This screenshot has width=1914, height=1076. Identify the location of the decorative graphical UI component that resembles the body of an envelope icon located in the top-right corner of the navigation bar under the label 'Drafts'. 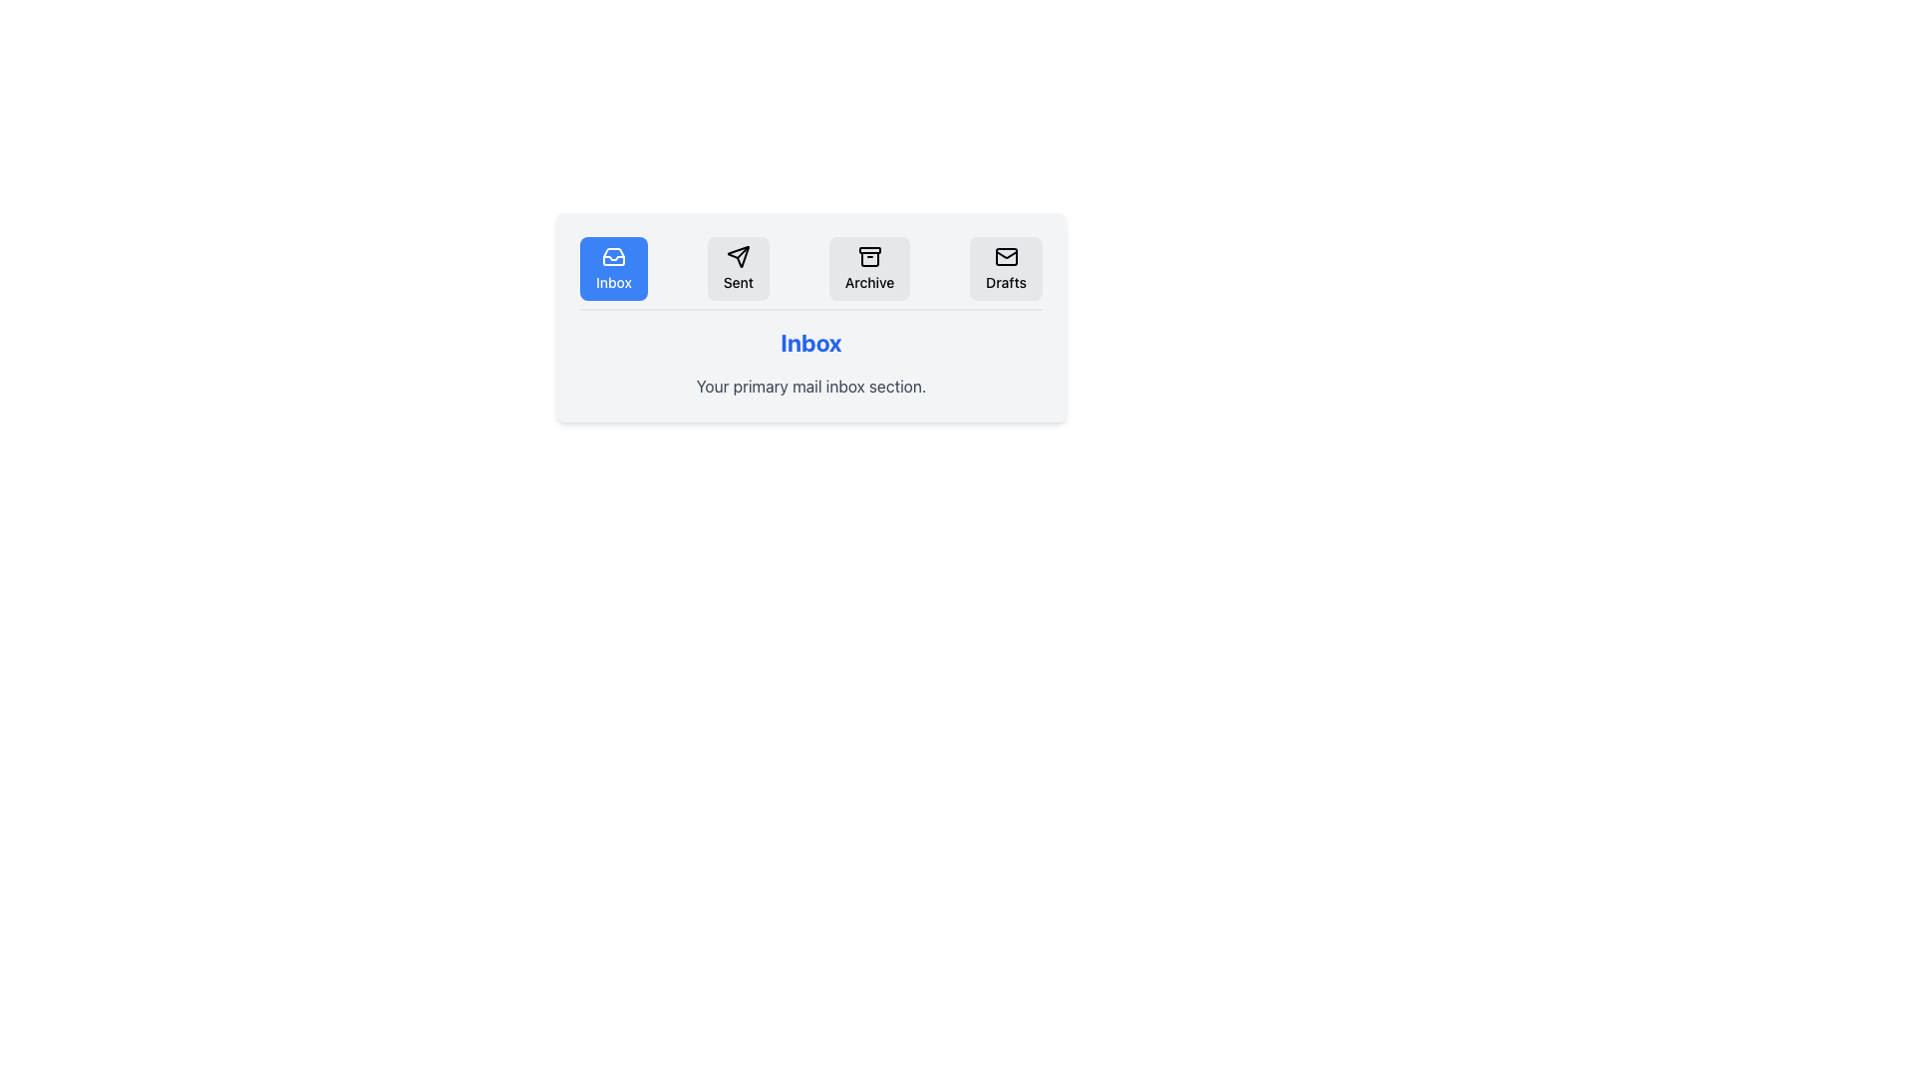
(1006, 256).